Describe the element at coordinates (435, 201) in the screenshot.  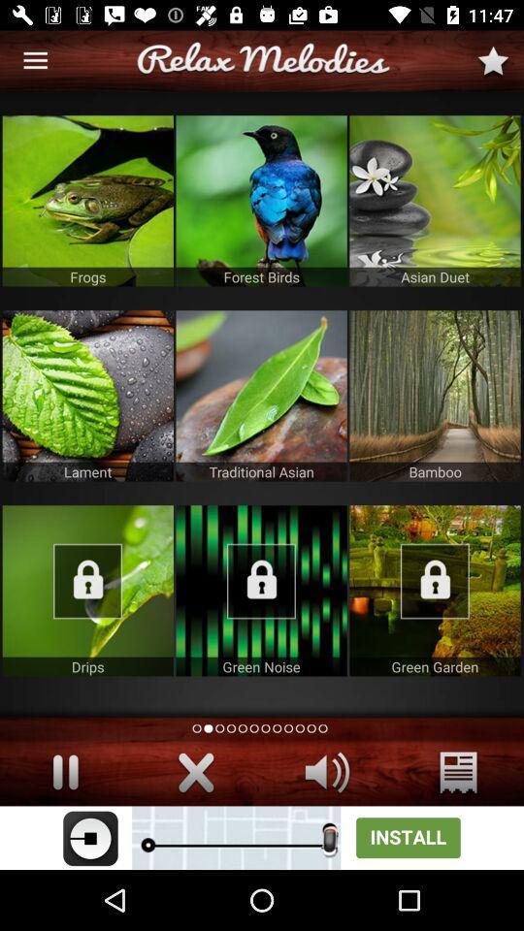
I see `asian duet` at that location.